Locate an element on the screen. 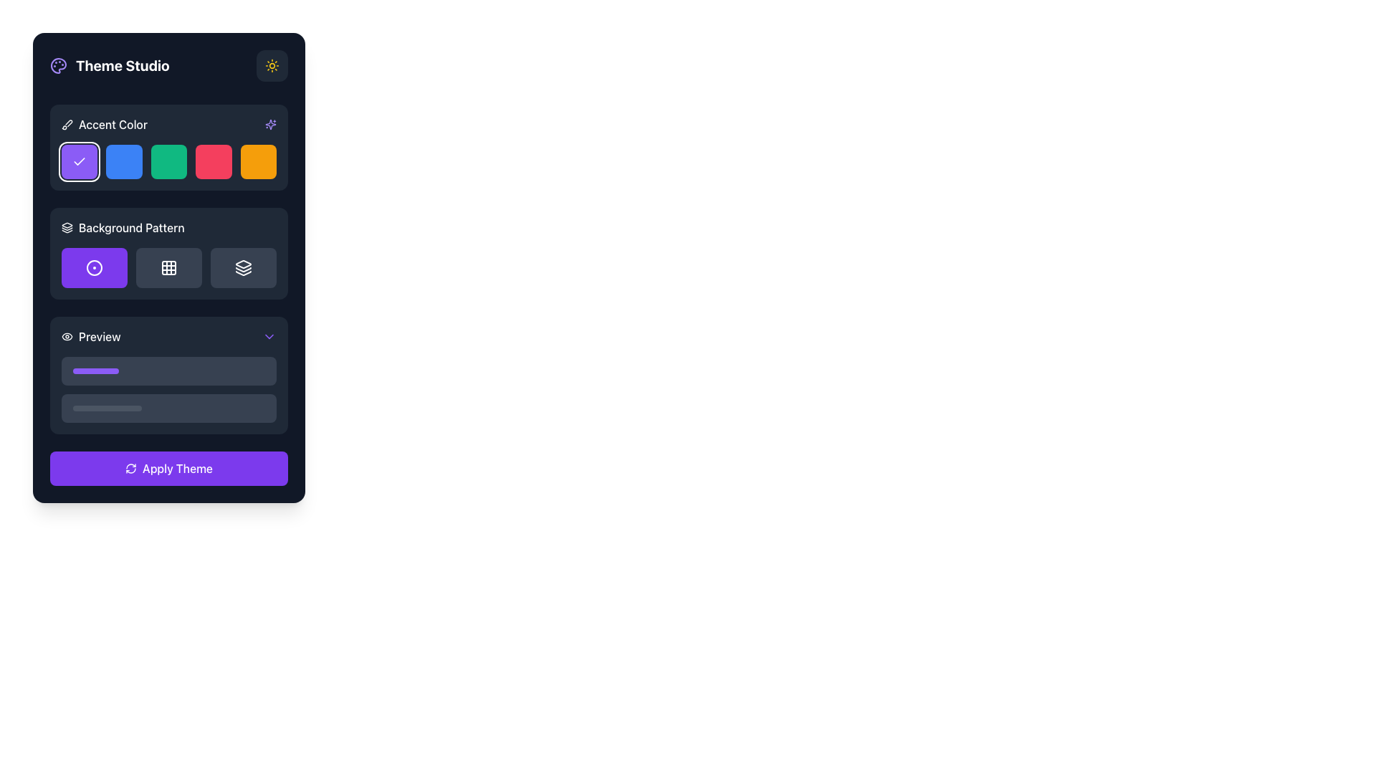 This screenshot has width=1376, height=774. the selectable icon within the background patterns section of the Theme Studio is located at coordinates (168, 253).